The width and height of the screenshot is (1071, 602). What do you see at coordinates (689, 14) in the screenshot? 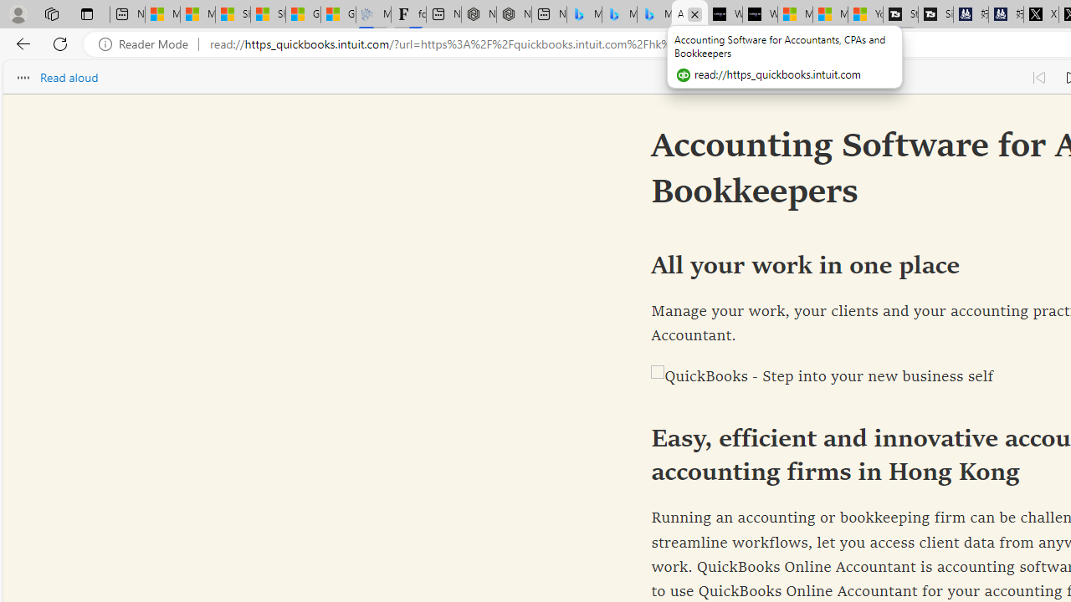
I see `'Accounting Software for Accountants, CPAs and Bookkeepers'` at bounding box center [689, 14].